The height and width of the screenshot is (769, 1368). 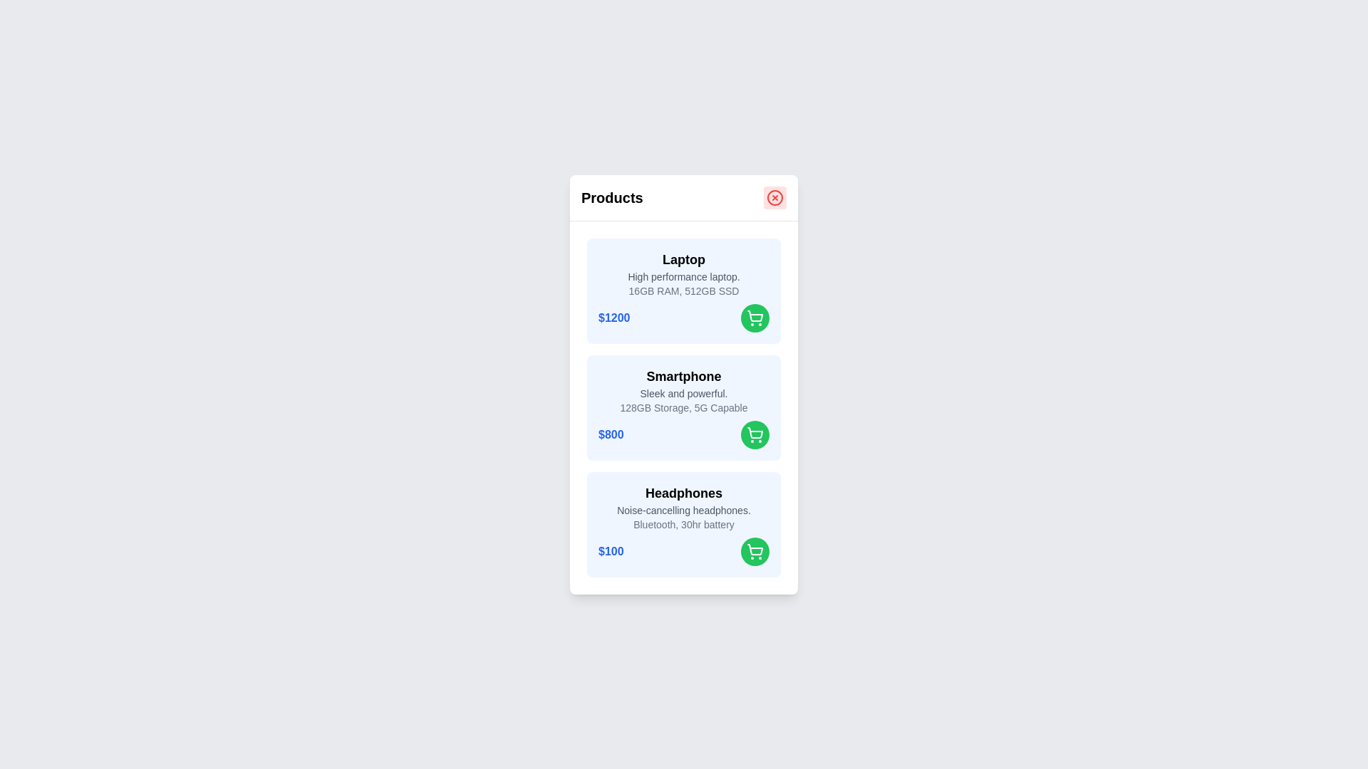 I want to click on the close button to close the dialog, so click(x=774, y=197).